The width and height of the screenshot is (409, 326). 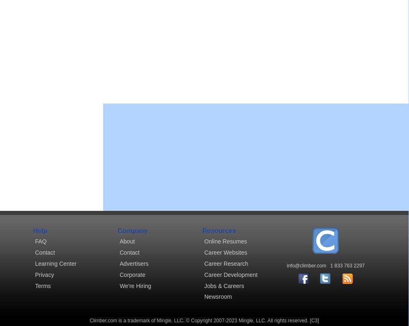 I want to click on '1 833 763 2297', so click(x=330, y=266).